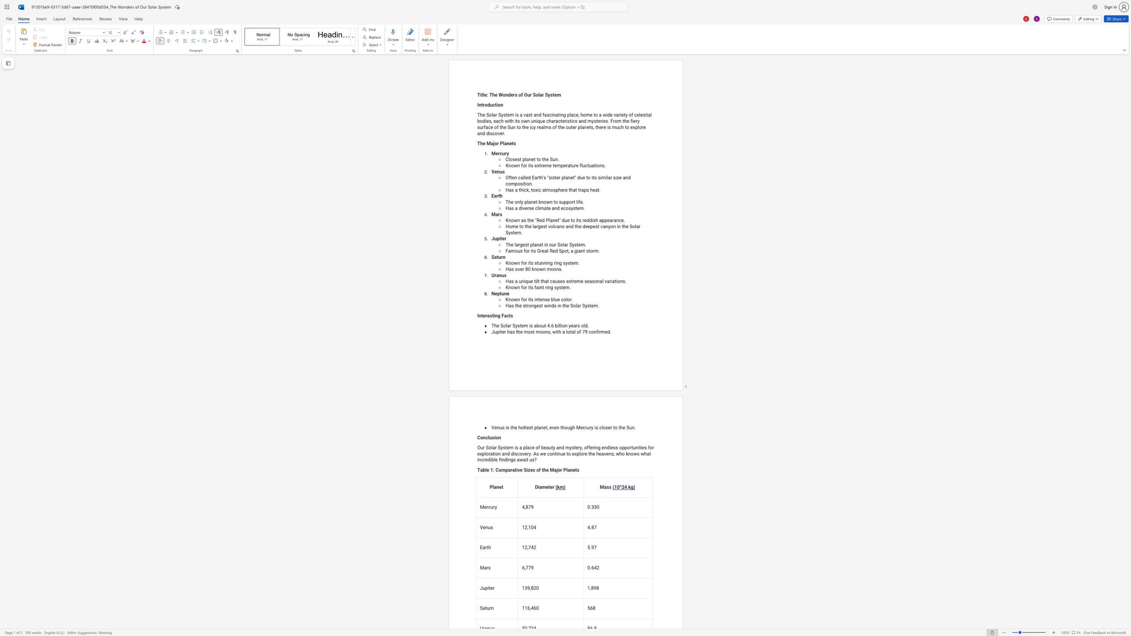  Describe the element at coordinates (580, 454) in the screenshot. I see `the subset text "ore the heavens, who knows what in" within the text "Our Solar System is a place of beauty and mystery, offering endless opportunities for exploration and discovery. As we continue to explore the heavens, who knows what incredible findings await us?"` at that location.